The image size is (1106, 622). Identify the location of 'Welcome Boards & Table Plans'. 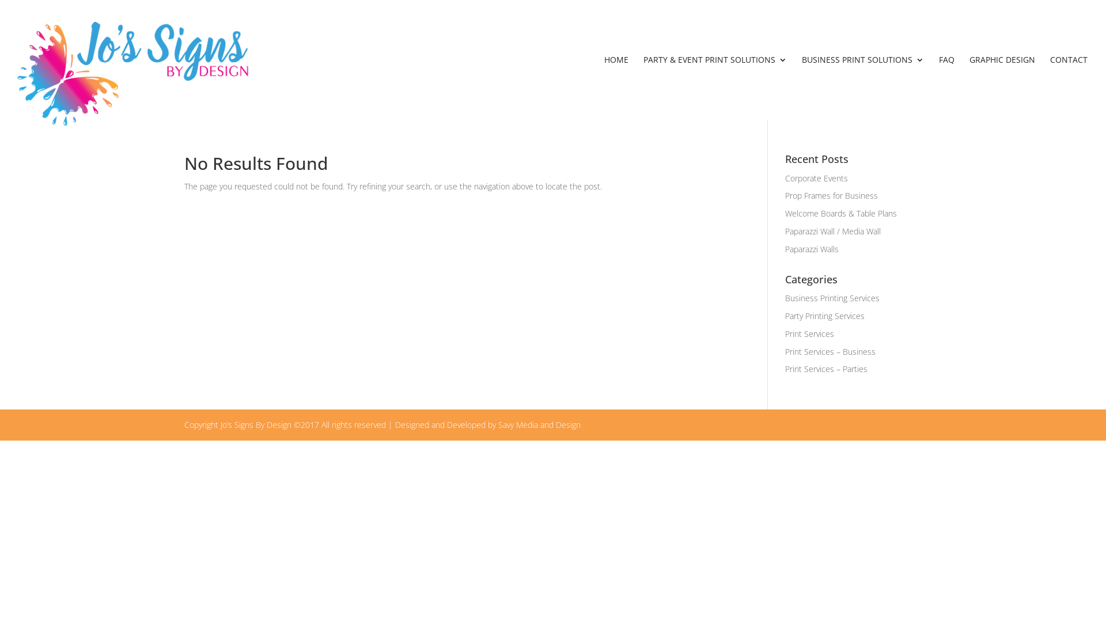
(840, 213).